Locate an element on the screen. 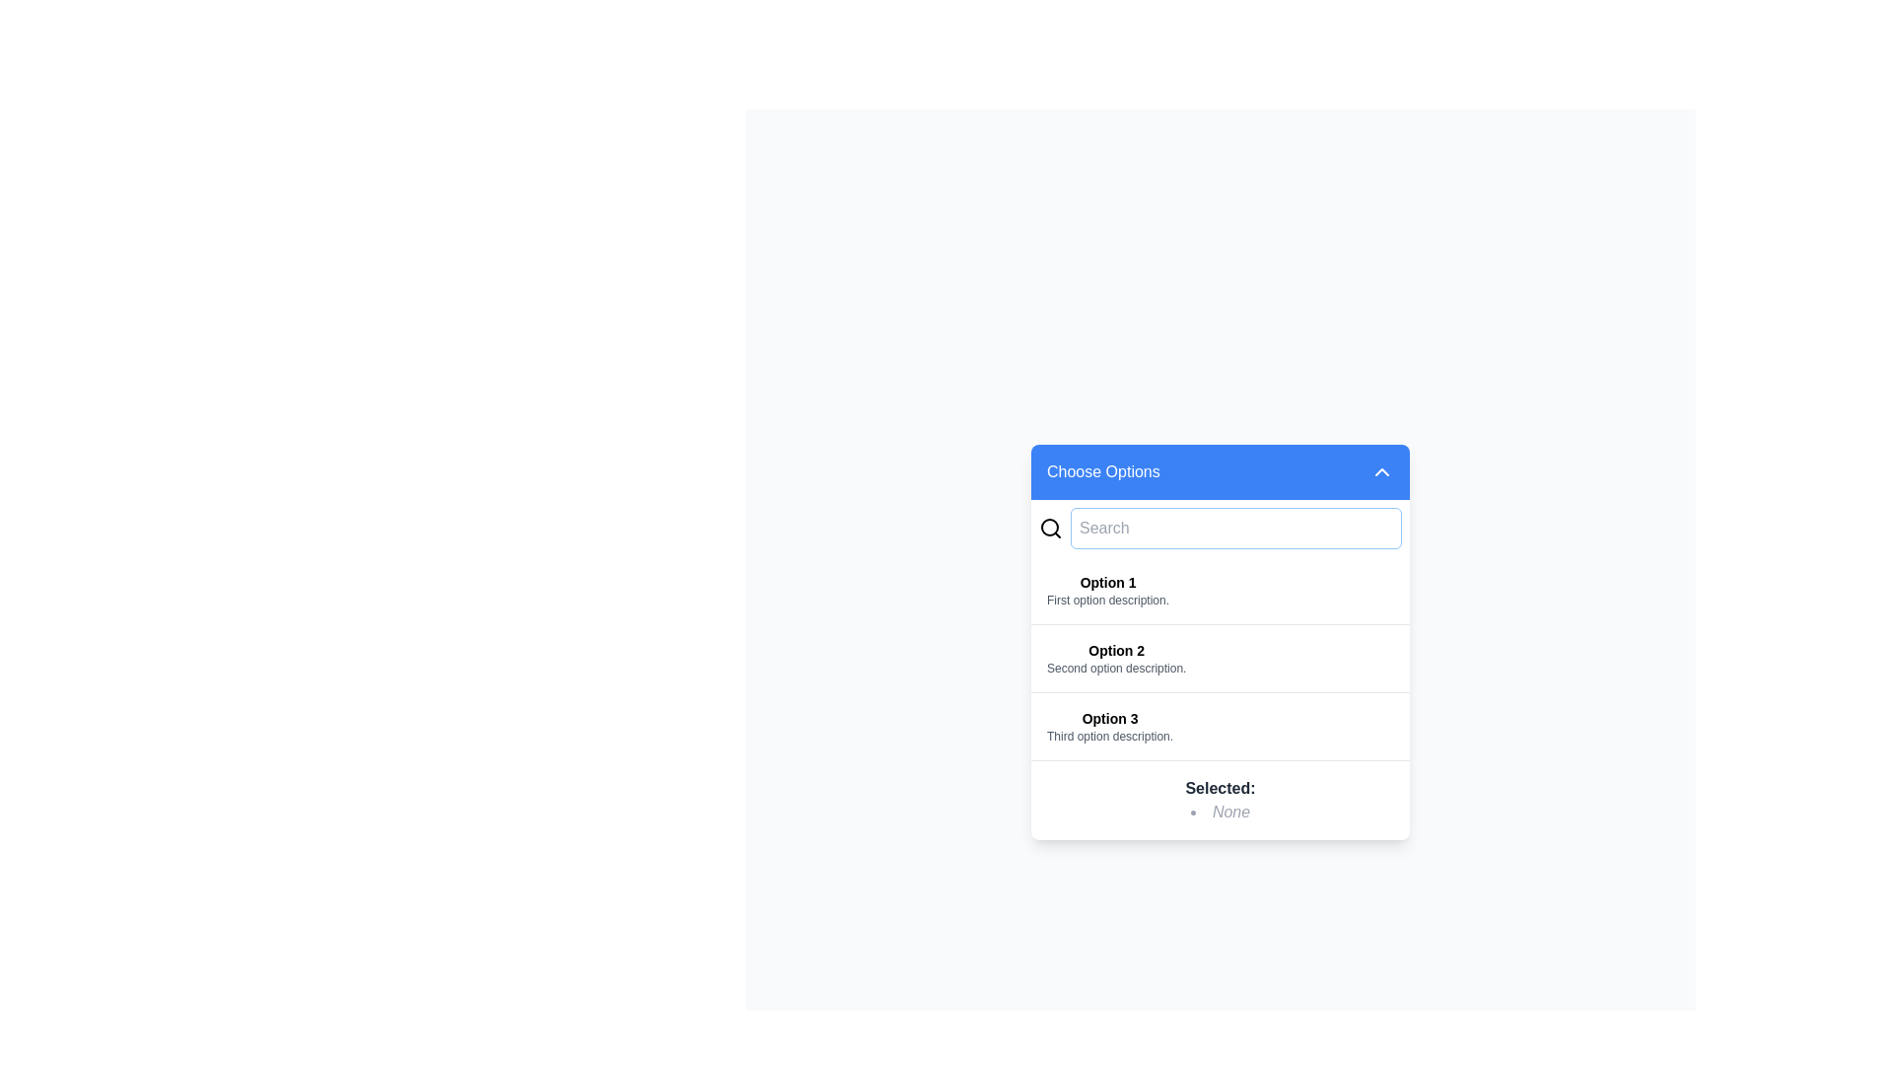  the first entry in the dropdown menu located below the search bar is located at coordinates (1107, 589).